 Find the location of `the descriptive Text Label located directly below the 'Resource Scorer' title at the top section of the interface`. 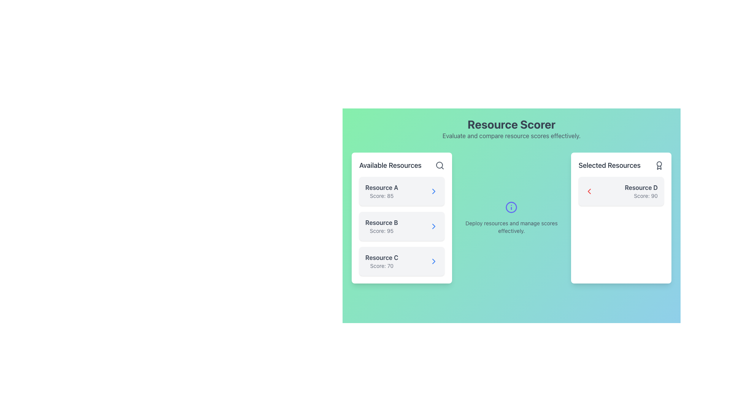

the descriptive Text Label located directly below the 'Resource Scorer' title at the top section of the interface is located at coordinates (511, 135).